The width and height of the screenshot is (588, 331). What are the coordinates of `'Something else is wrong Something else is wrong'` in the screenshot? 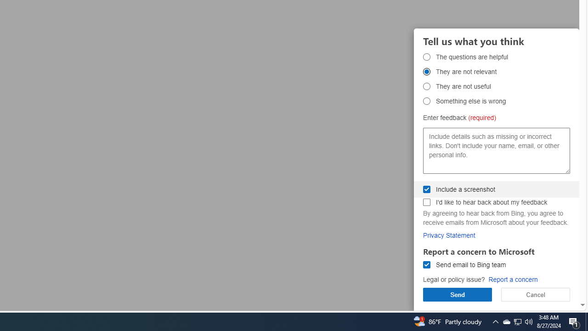 It's located at (426, 101).